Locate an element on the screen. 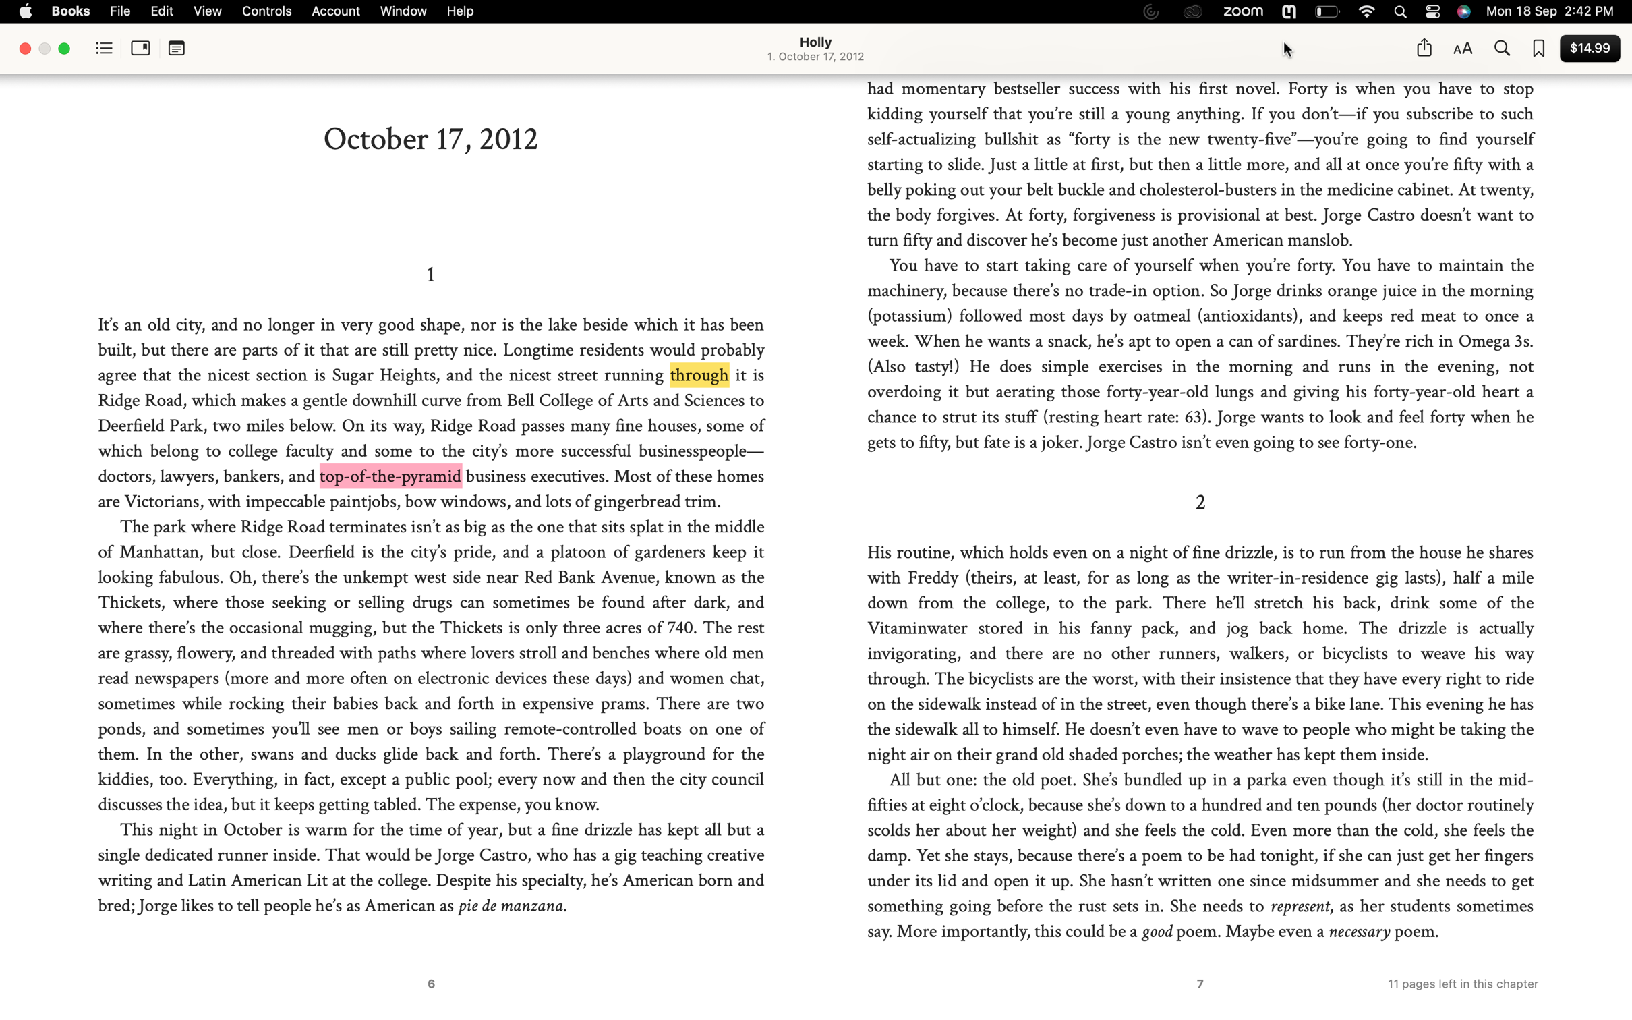 The height and width of the screenshot is (1020, 1632). and highlight all "Jorge Castro" entries is located at coordinates (1500, 49).